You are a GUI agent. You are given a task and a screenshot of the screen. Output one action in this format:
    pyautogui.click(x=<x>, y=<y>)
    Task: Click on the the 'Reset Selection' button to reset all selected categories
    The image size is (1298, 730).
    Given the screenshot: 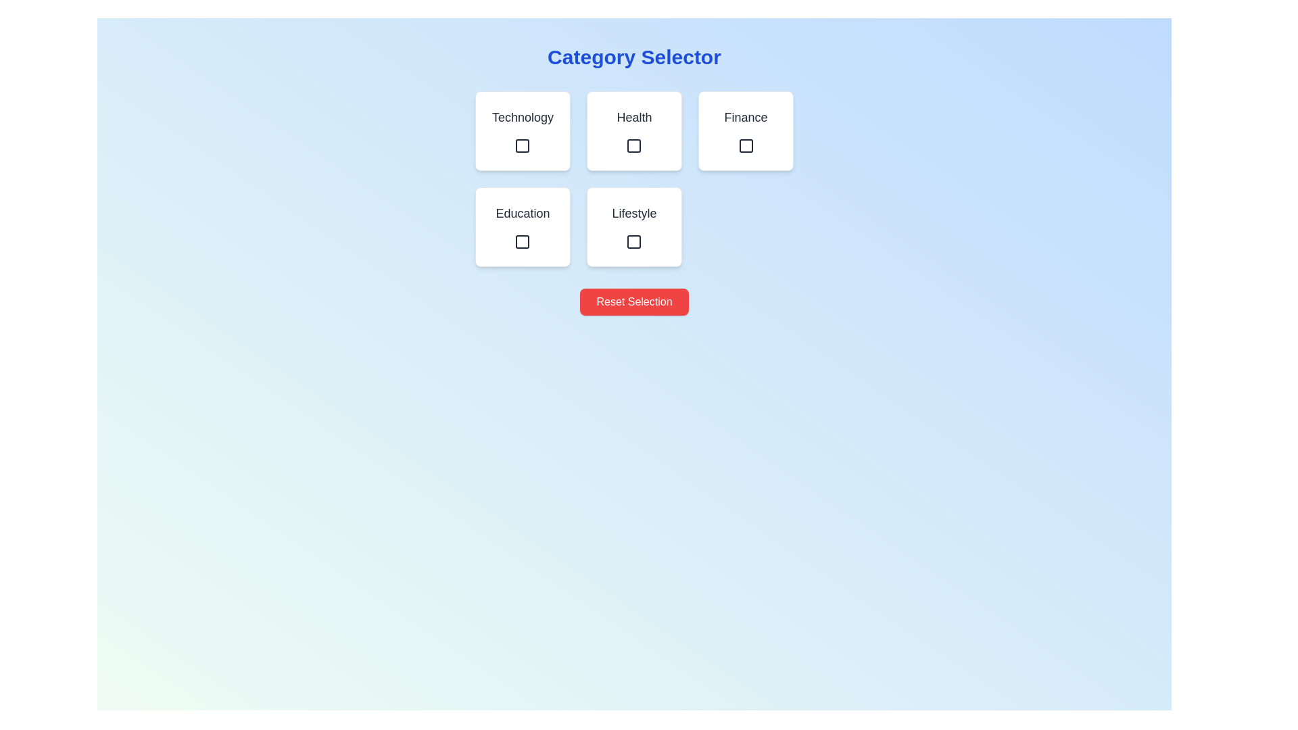 What is the action you would take?
    pyautogui.click(x=633, y=301)
    